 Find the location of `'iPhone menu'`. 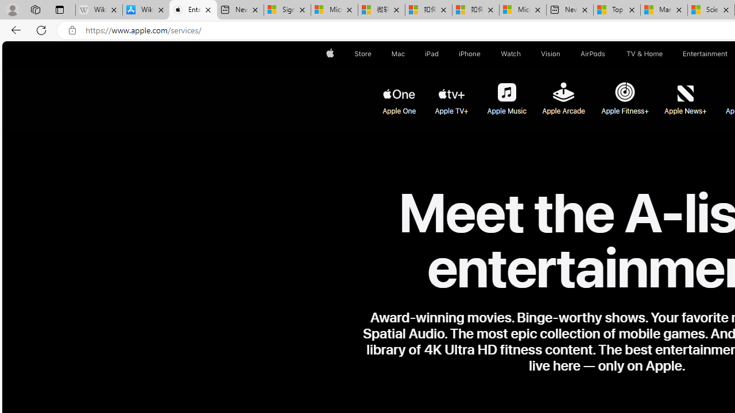

'iPhone menu' is located at coordinates (482, 53).